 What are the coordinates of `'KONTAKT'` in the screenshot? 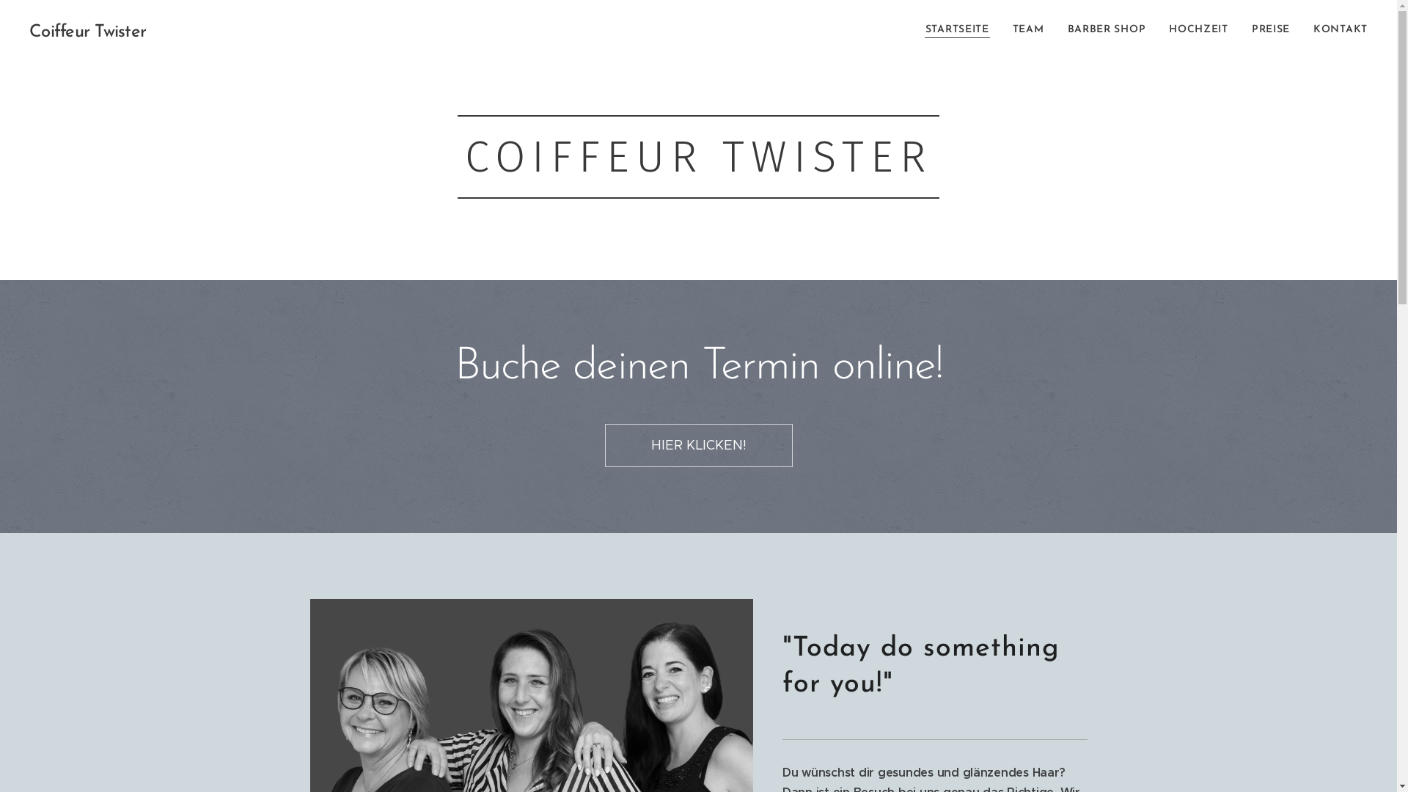 It's located at (1334, 30).